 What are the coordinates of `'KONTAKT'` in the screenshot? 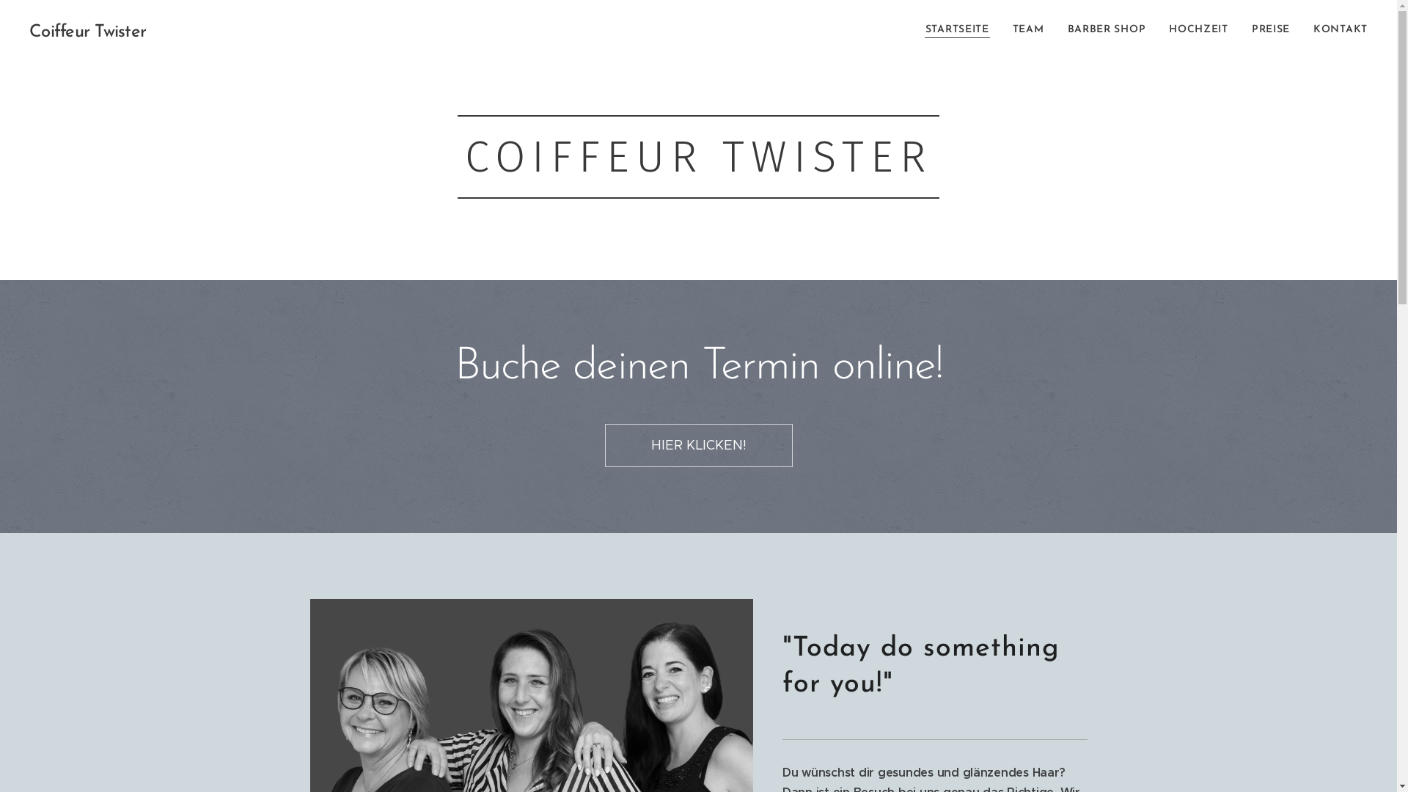 It's located at (1334, 30).